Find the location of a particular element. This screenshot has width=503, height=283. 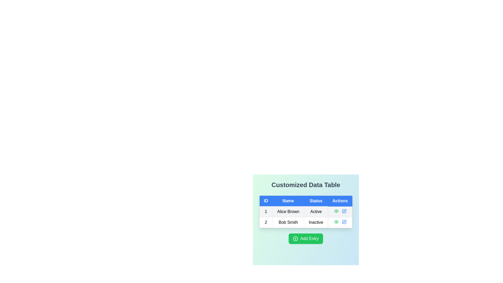

the text display field showing 'Bob Smith', which is located in the second row and second column of the tabular layout is located at coordinates (288, 222).